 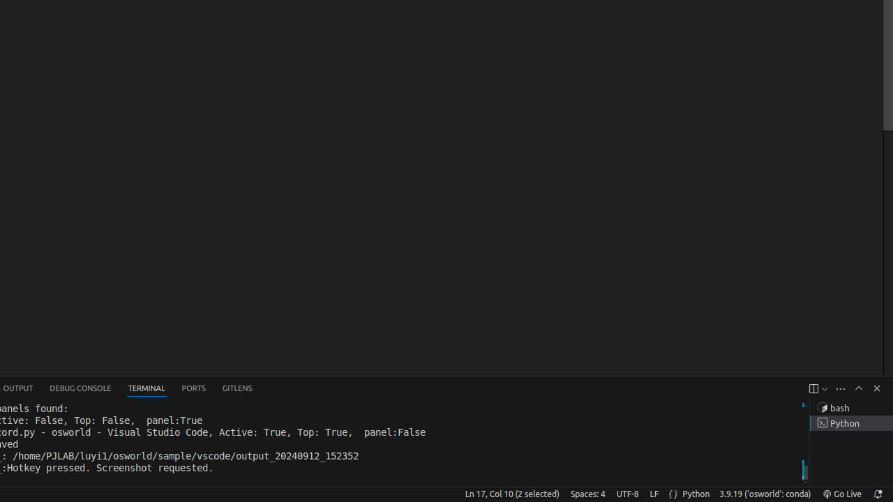 I want to click on 'Debug Console (Ctrl+Shift+Y)', so click(x=80, y=388).